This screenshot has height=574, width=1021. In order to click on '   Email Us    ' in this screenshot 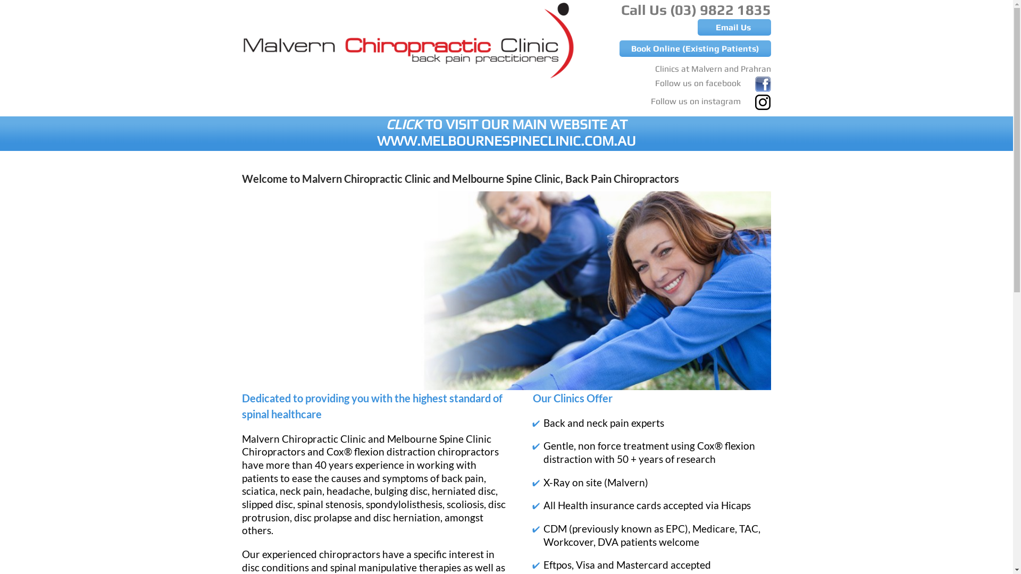, I will do `click(734, 27)`.